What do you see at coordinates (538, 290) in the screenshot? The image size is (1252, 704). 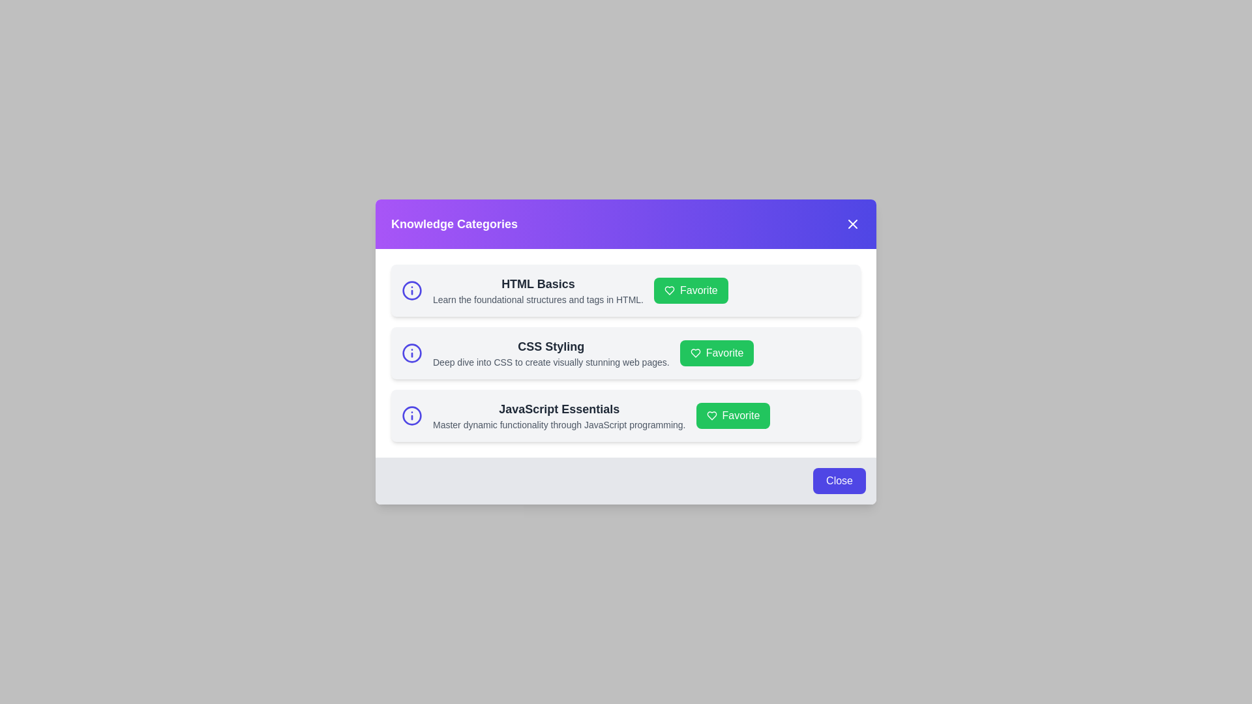 I see `the Text Box with Title and Description which is centrally aligned in the upper section of the list of knowledge categories, positioned between an informational icon and a 'Favorite' button` at bounding box center [538, 290].